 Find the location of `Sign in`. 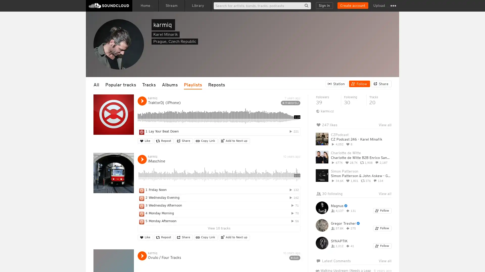

Sign in is located at coordinates (324, 6).